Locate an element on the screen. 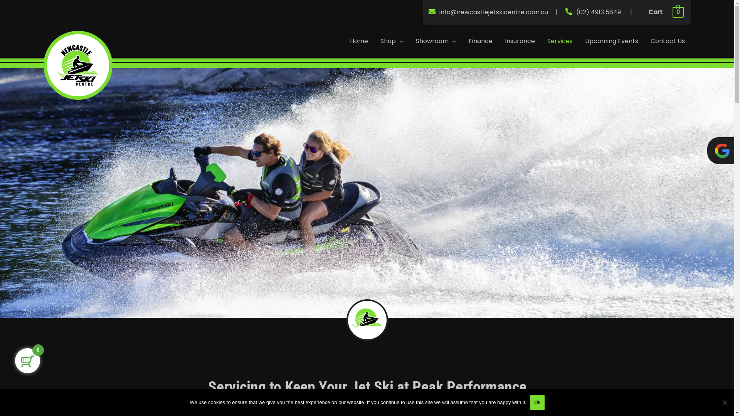  'Home' is located at coordinates (343, 41).